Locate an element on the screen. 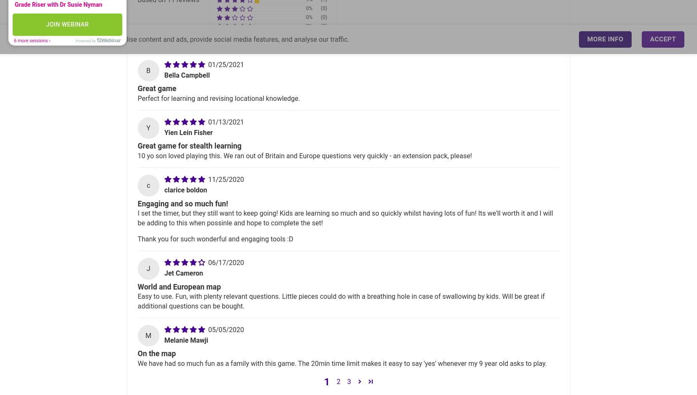 Image resolution: width=697 pixels, height=395 pixels. '05/05/2020' is located at coordinates (225, 329).